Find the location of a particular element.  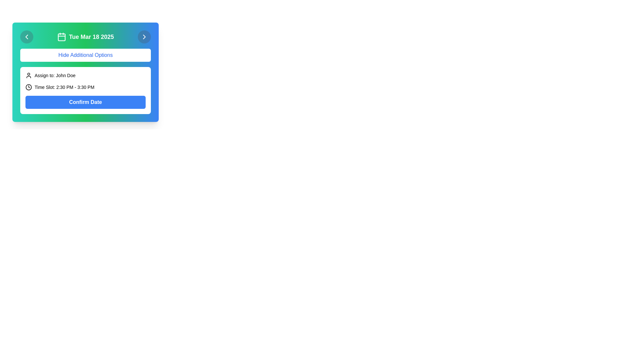

the left-pointing chevron-shaped navigation control icon located at the top-left corner of the calendar interface is located at coordinates (26, 37).